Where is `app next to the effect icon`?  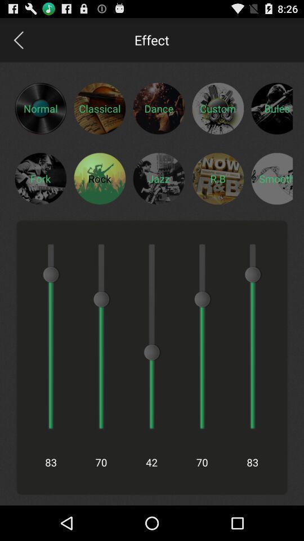
app next to the effect icon is located at coordinates (17, 39).